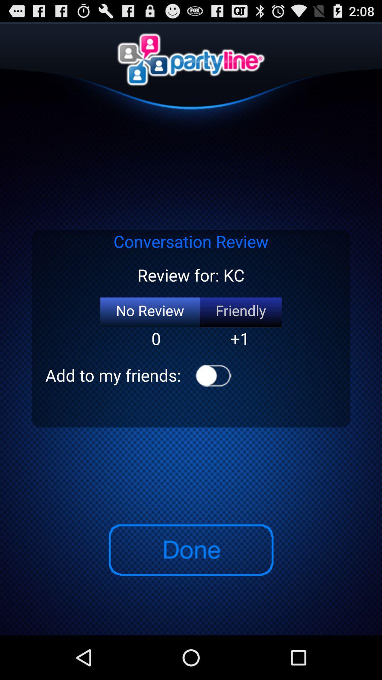  I want to click on the app to the right of add to my, so click(213, 375).